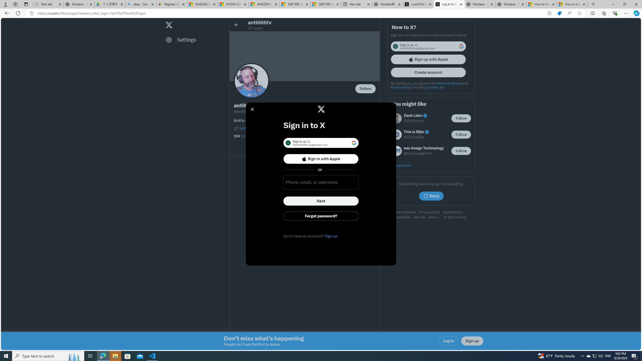 The height and width of the screenshot is (361, 642). What do you see at coordinates (572, 4) in the screenshot?
I see `'How to Use a Monitor With Your Closed Laptop'` at bounding box center [572, 4].